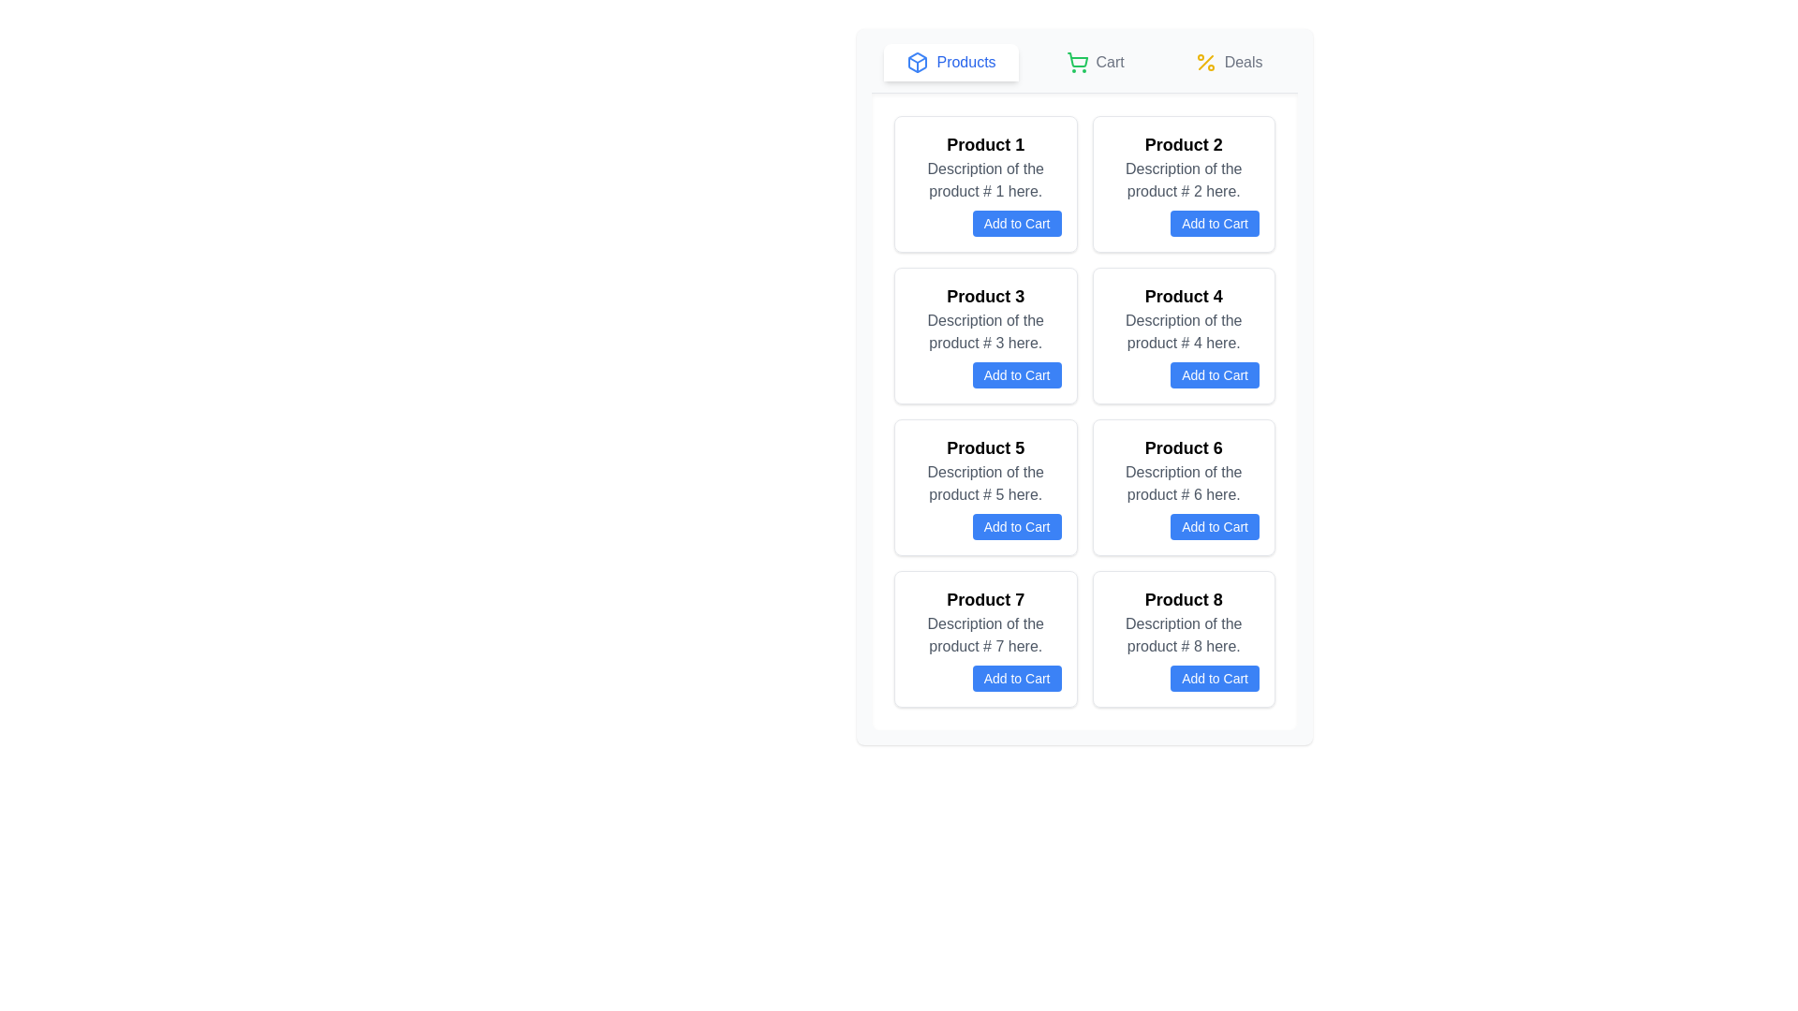 The width and height of the screenshot is (1798, 1011). Describe the element at coordinates (984, 330) in the screenshot. I see `static text element displaying the phrase 'Description of the product # 3 here.' which is located below the 'Product 3' heading and above the 'Add to Cart' button in the product card` at that location.